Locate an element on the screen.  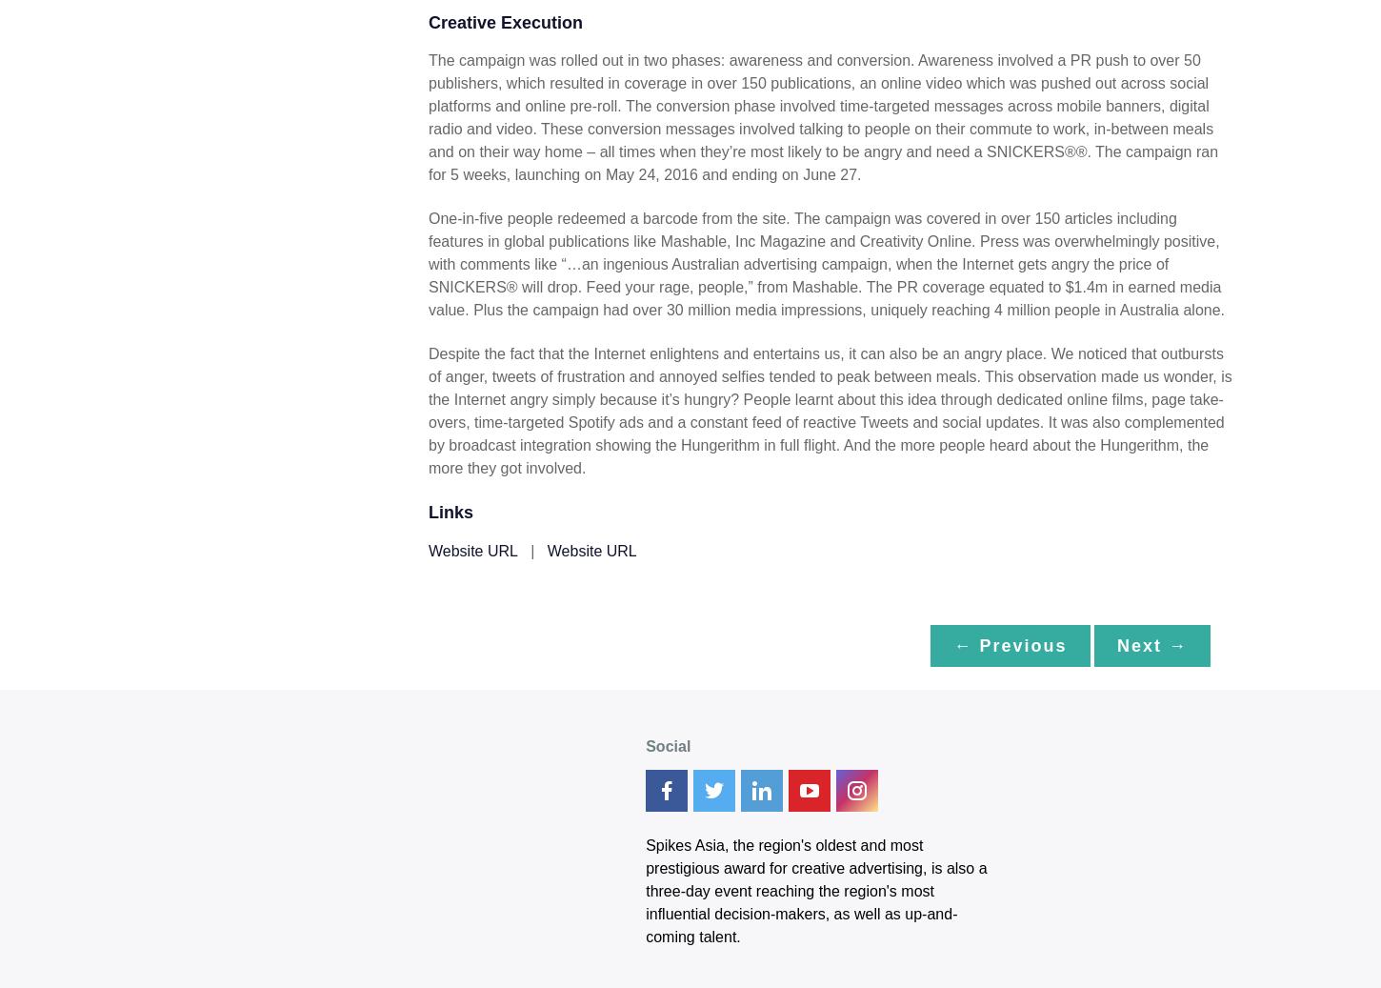
'event' is located at coordinates (732, 890).